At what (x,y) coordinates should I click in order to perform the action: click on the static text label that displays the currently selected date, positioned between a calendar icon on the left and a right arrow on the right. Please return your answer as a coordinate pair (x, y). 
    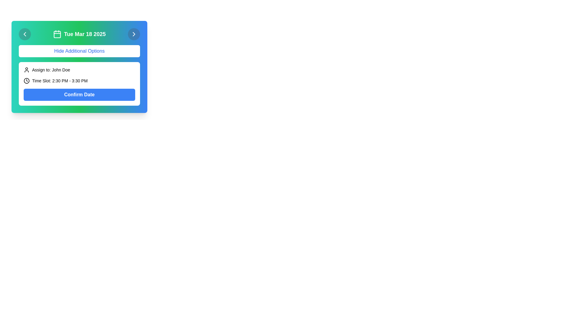
    Looking at the image, I should click on (84, 34).